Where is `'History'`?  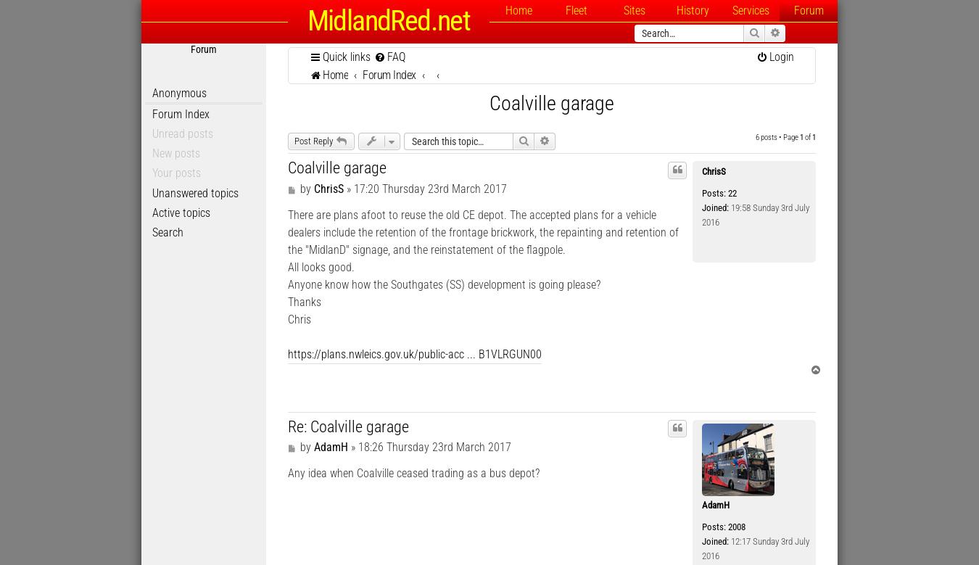 'History' is located at coordinates (691, 10).